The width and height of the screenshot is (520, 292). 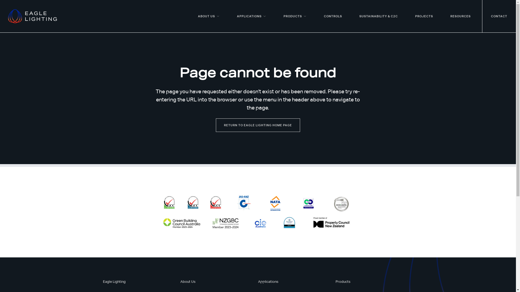 I want to click on 'Eagle Lighting', so click(x=114, y=281).